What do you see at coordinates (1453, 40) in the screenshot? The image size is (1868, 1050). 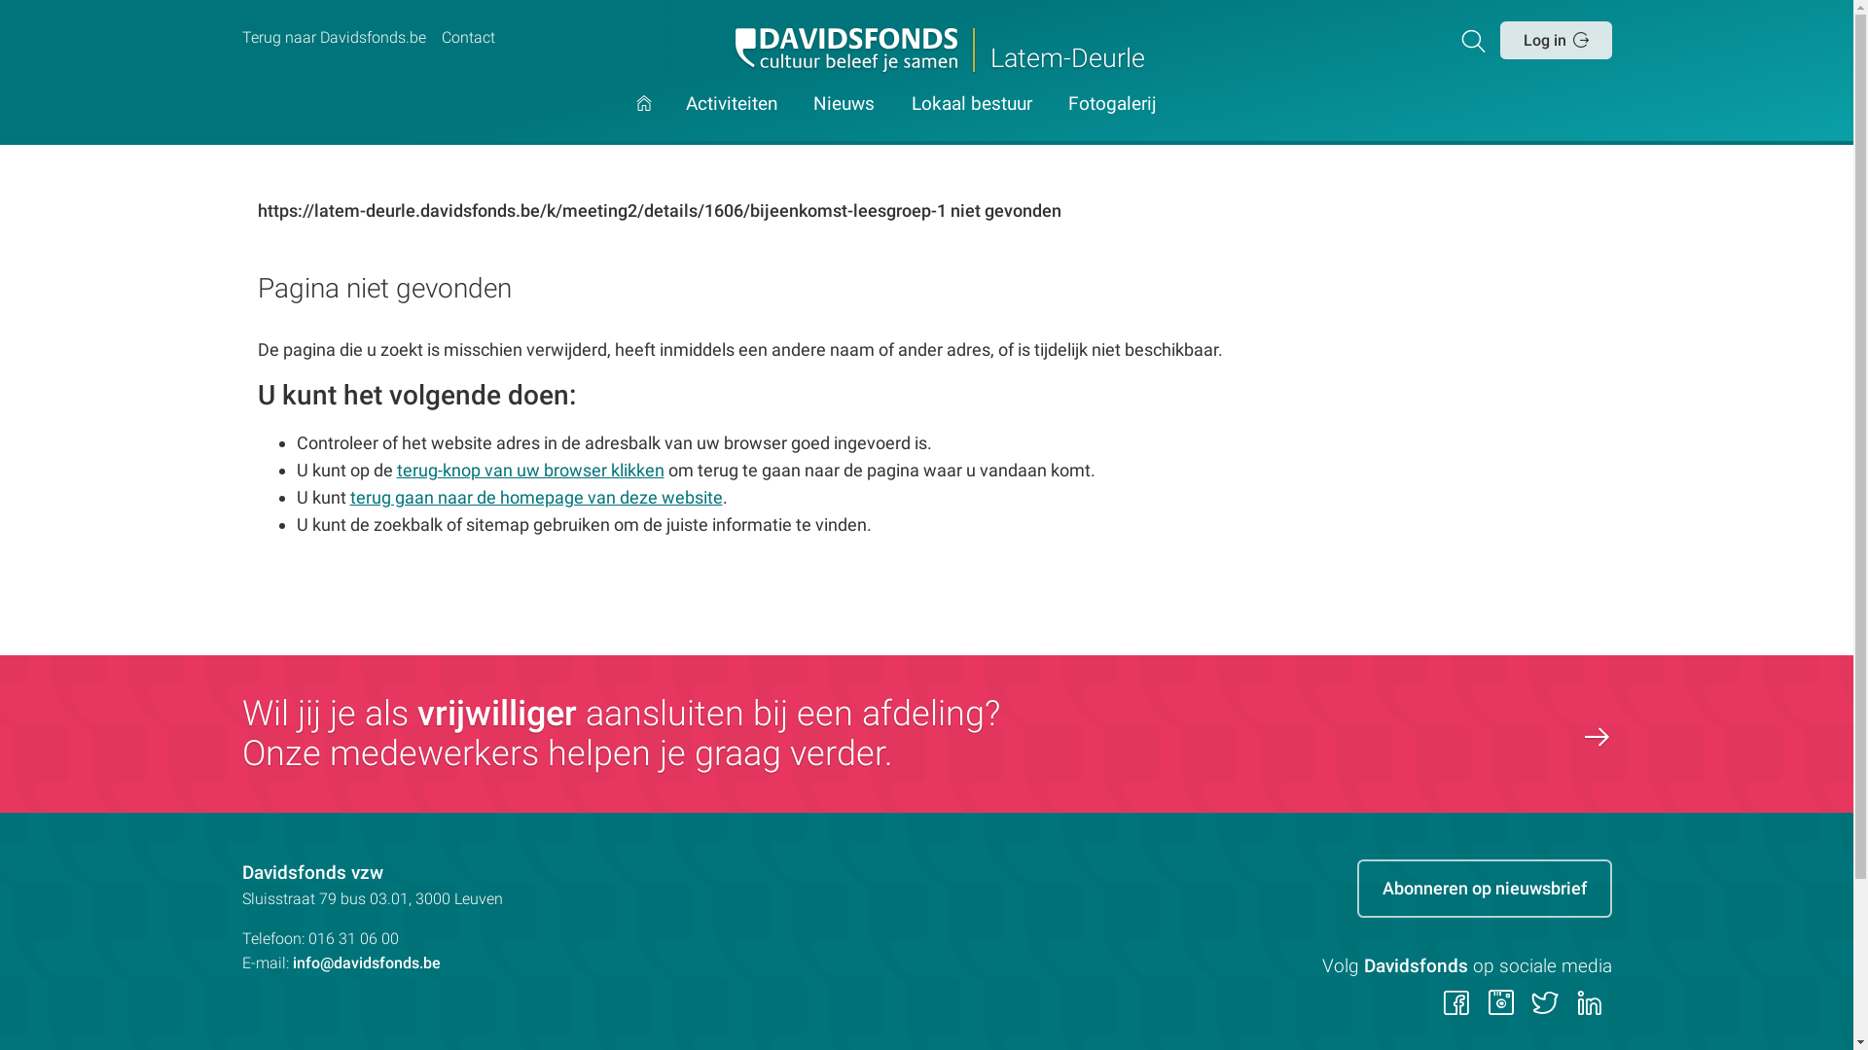 I see `'Zoeken'` at bounding box center [1453, 40].